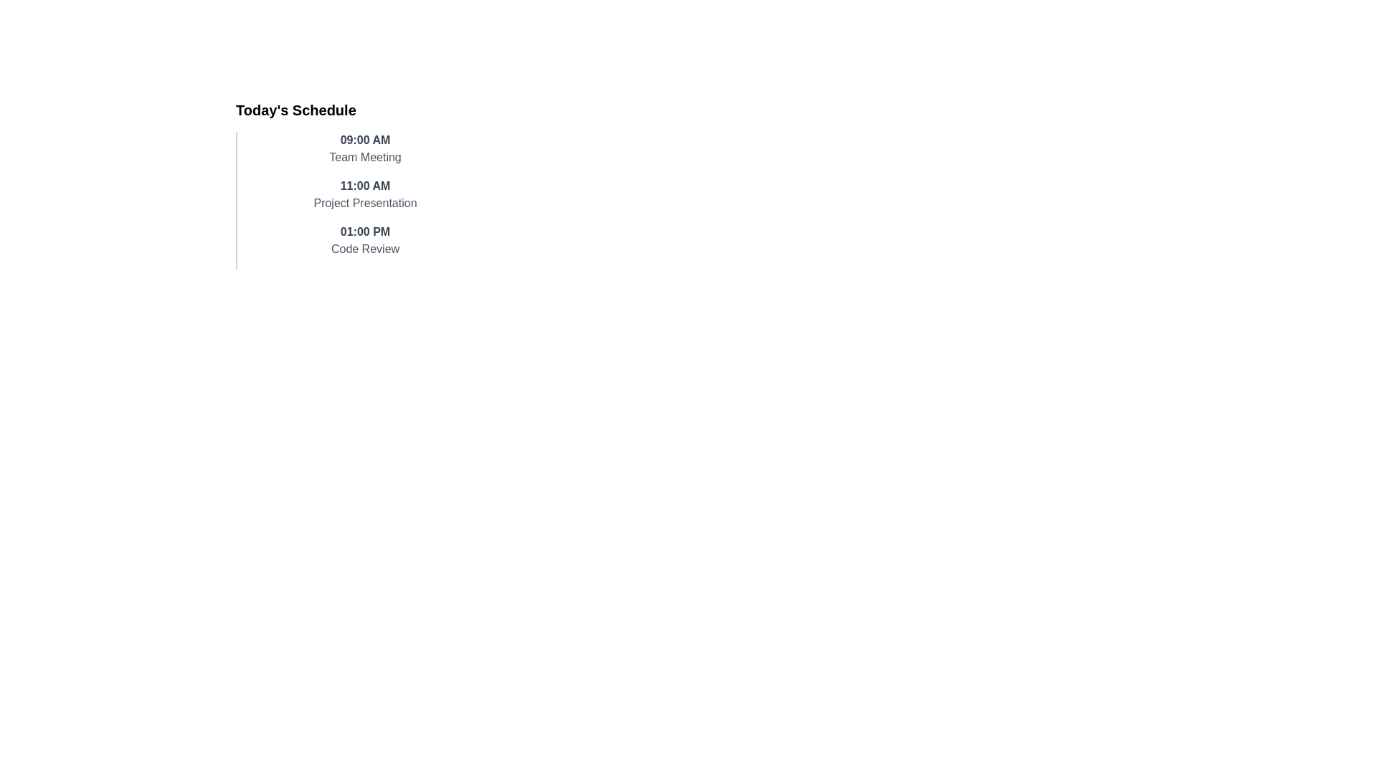  Describe the element at coordinates (365, 185) in the screenshot. I see `the static text displaying '11:00 AM' in the schedule listing, which is styled with a bold font and gray color` at that location.